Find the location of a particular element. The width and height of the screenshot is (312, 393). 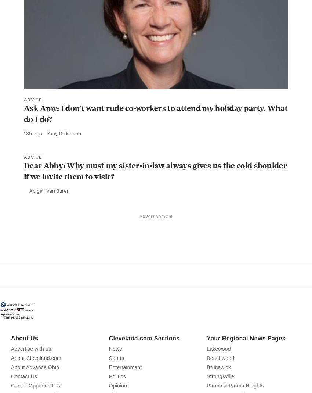

'Advertise with us' is located at coordinates (31, 365).